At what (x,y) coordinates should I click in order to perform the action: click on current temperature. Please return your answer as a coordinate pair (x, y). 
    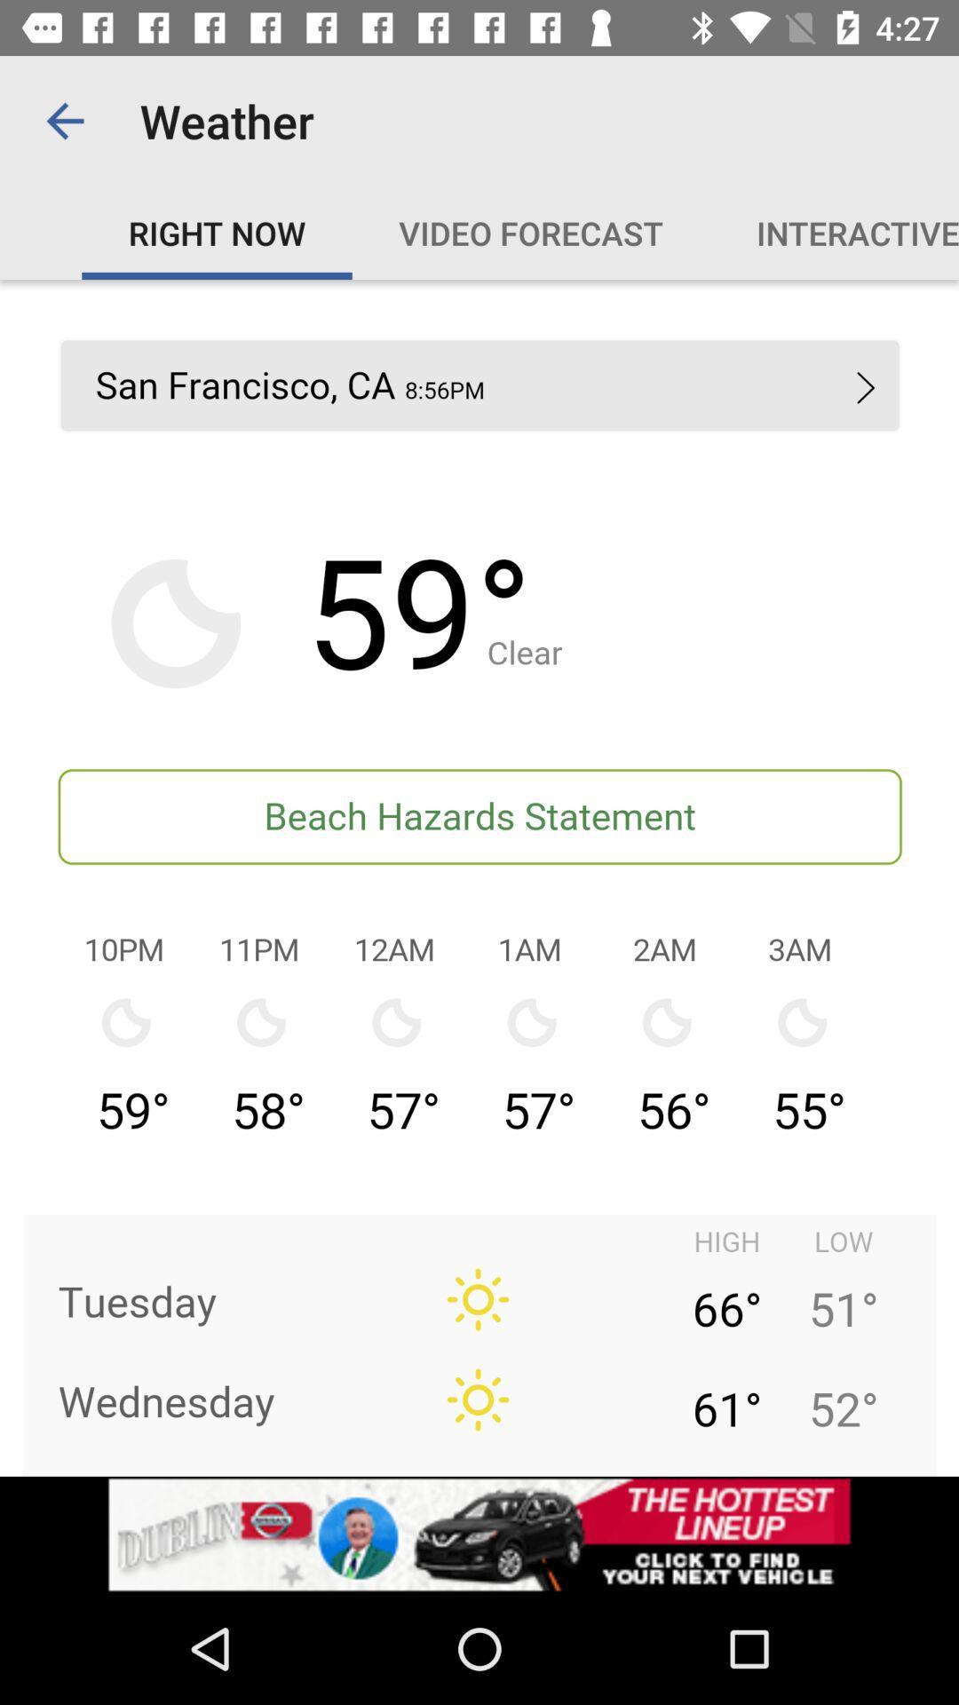
    Looking at the image, I should click on (479, 877).